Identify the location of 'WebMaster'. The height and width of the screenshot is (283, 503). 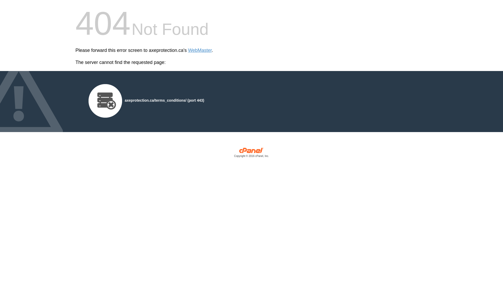
(200, 50).